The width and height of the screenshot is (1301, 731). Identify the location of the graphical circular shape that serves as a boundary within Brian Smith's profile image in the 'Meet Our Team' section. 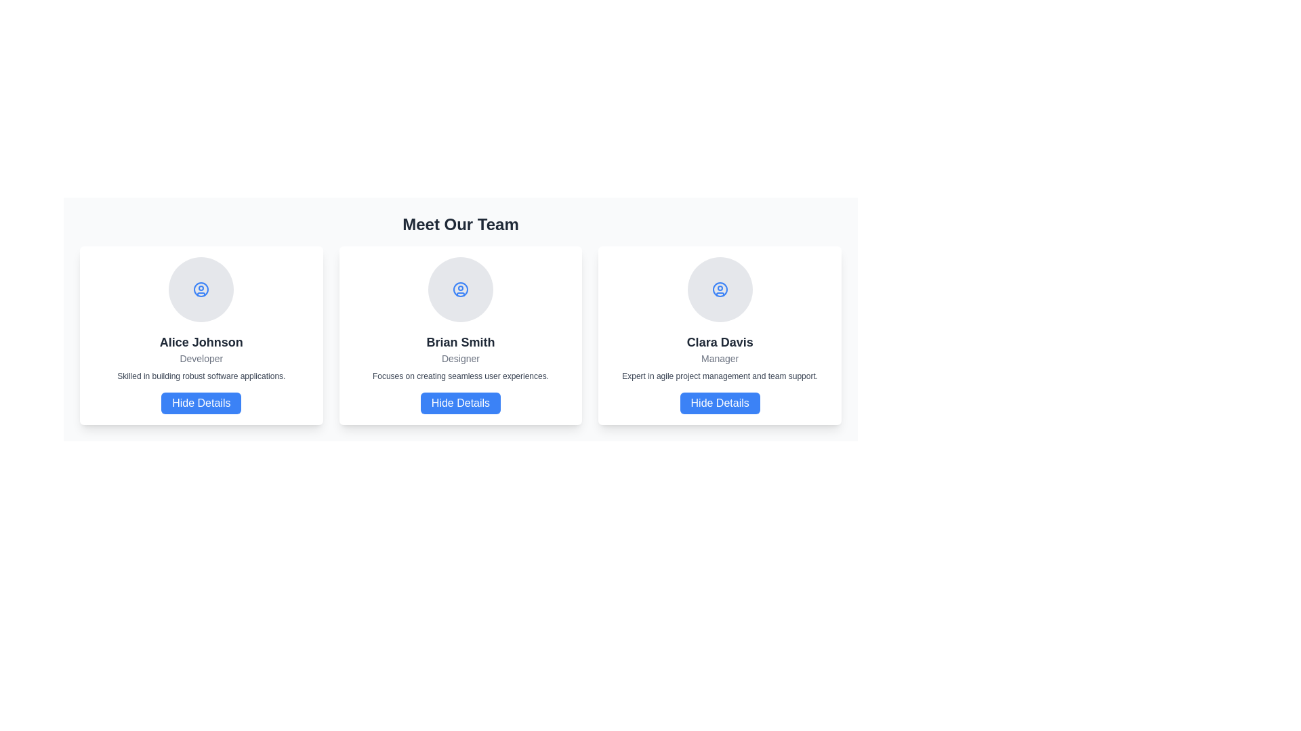
(461, 289).